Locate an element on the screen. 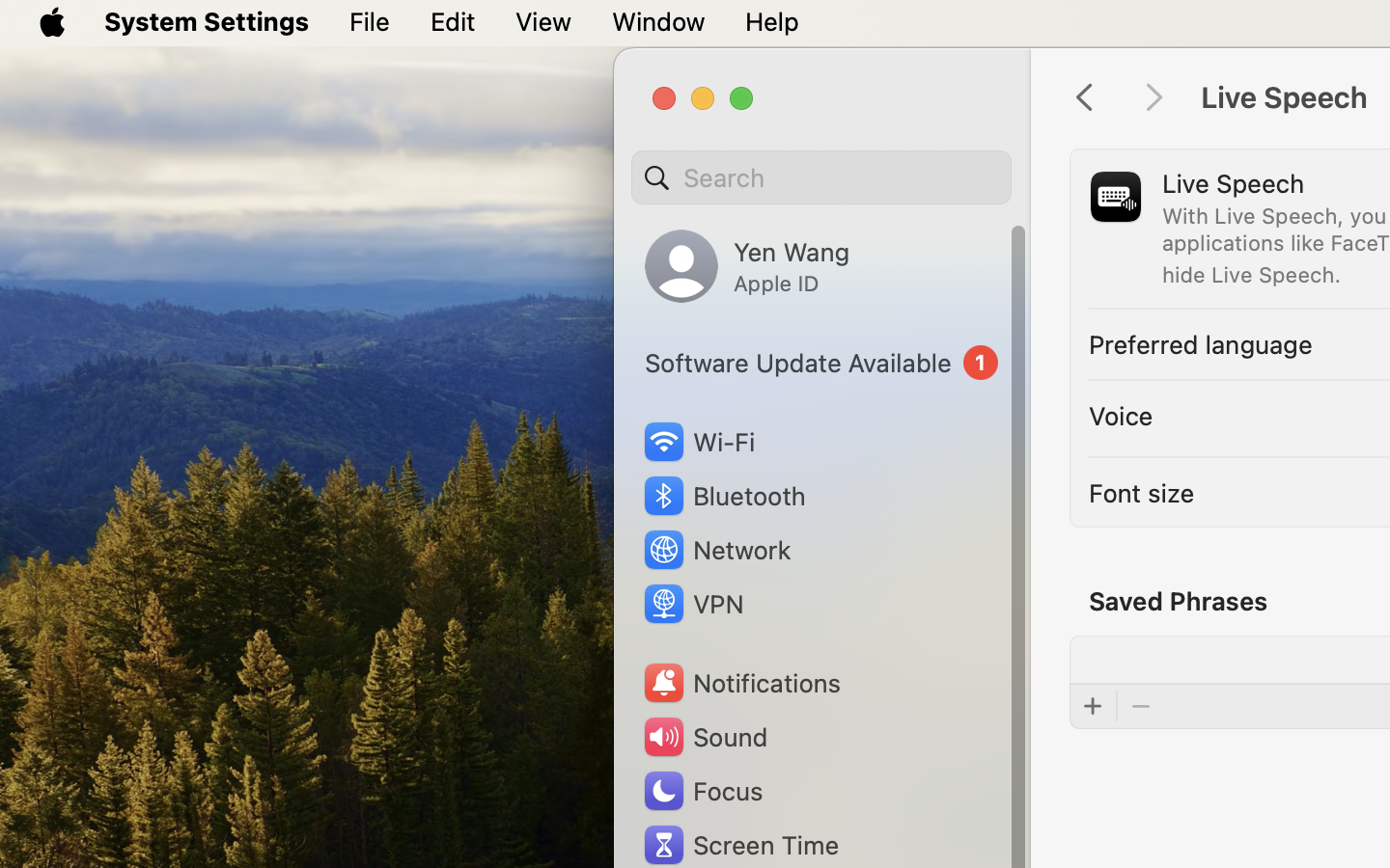  'Network' is located at coordinates (715, 549).